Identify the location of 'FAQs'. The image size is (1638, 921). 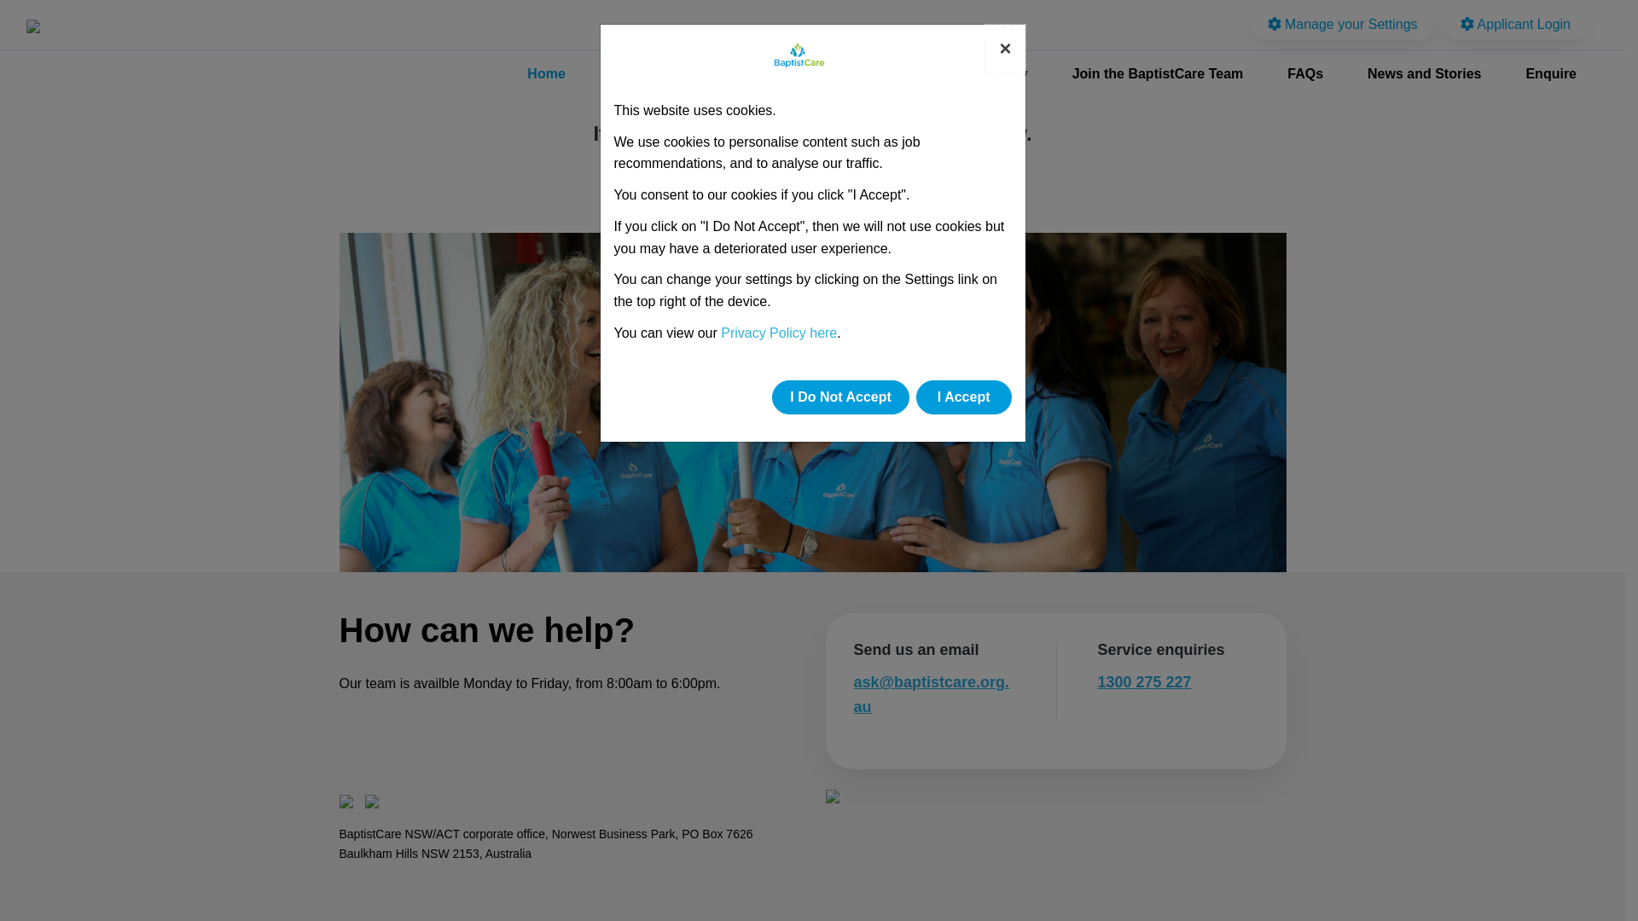
(1304, 73).